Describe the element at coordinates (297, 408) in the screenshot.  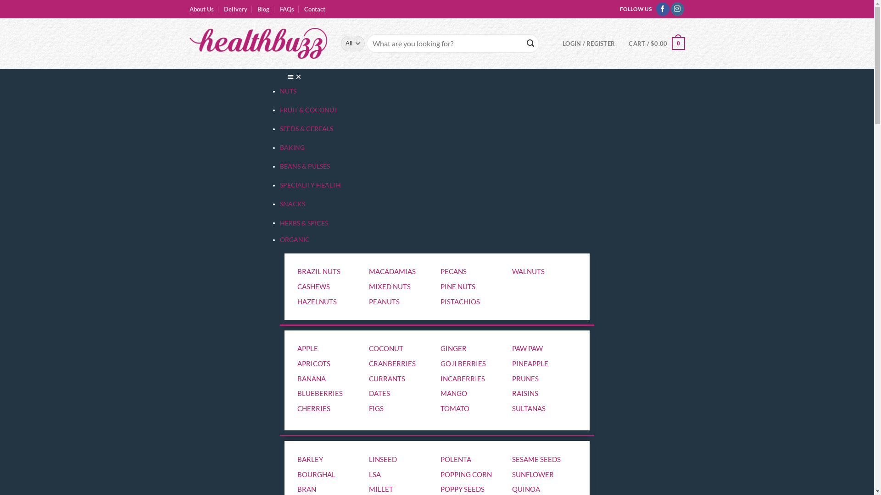
I see `'CHERRIES'` at that location.